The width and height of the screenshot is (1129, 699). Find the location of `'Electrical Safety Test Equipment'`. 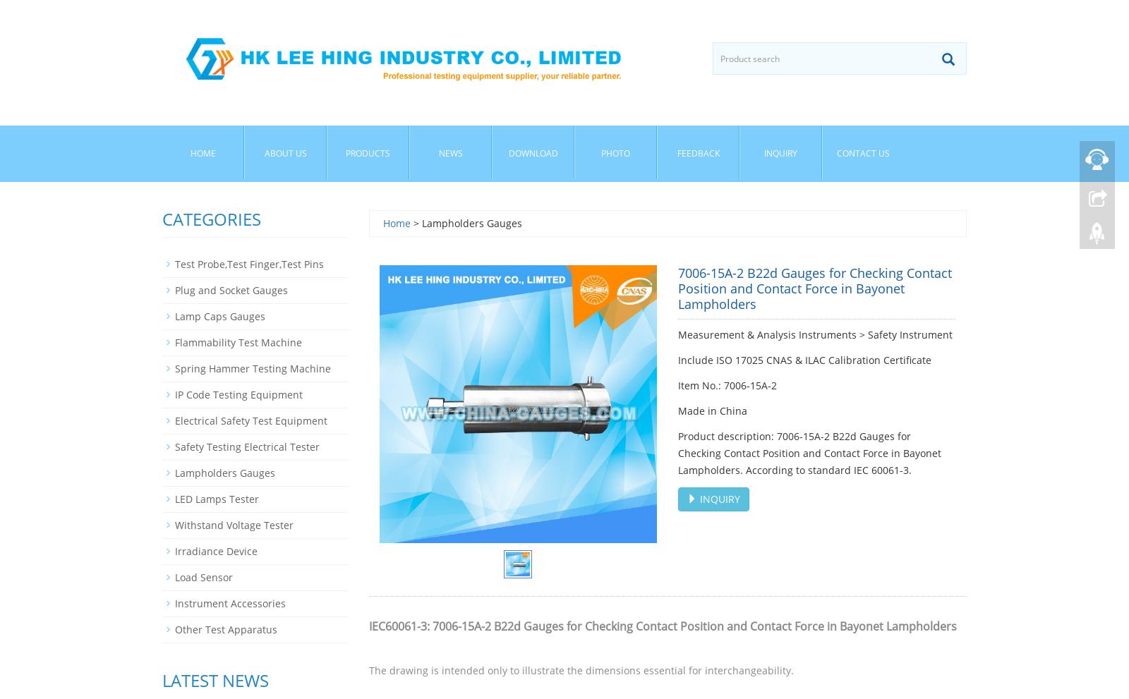

'Electrical Safety Test Equipment' is located at coordinates (251, 420).